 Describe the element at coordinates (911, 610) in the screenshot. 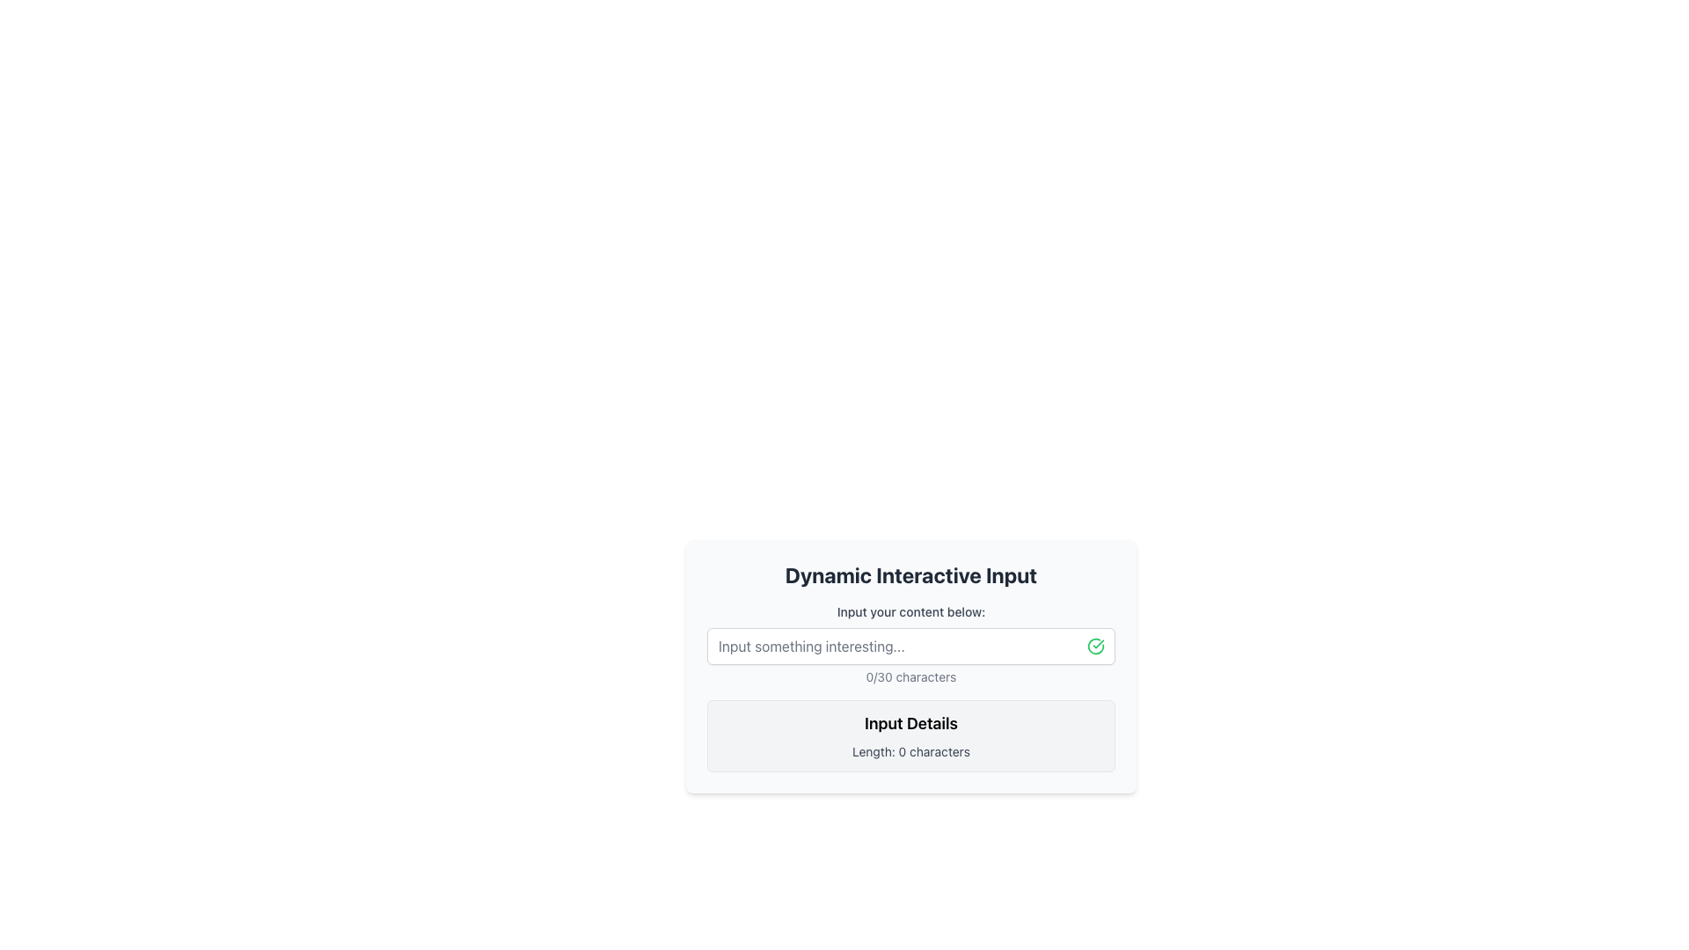

I see `the text label that reads 'Input your content below:', which is prominently displayed above an input field in light gray color` at that location.